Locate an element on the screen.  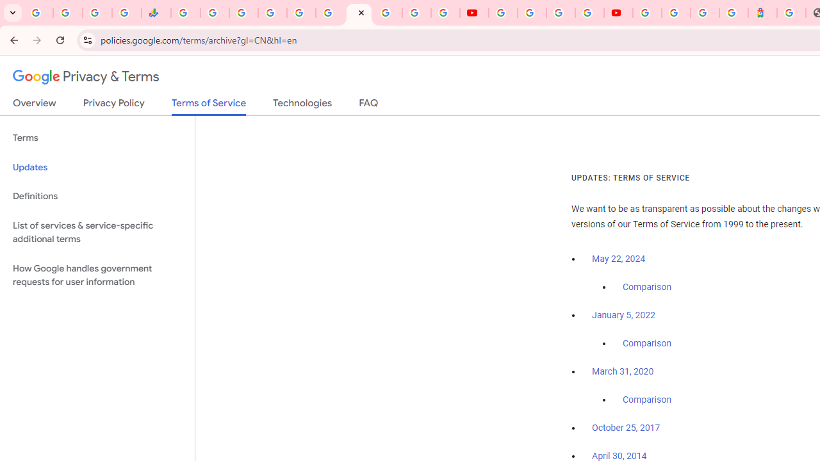
'List of services & service-specific additional terms' is located at coordinates (97, 232).